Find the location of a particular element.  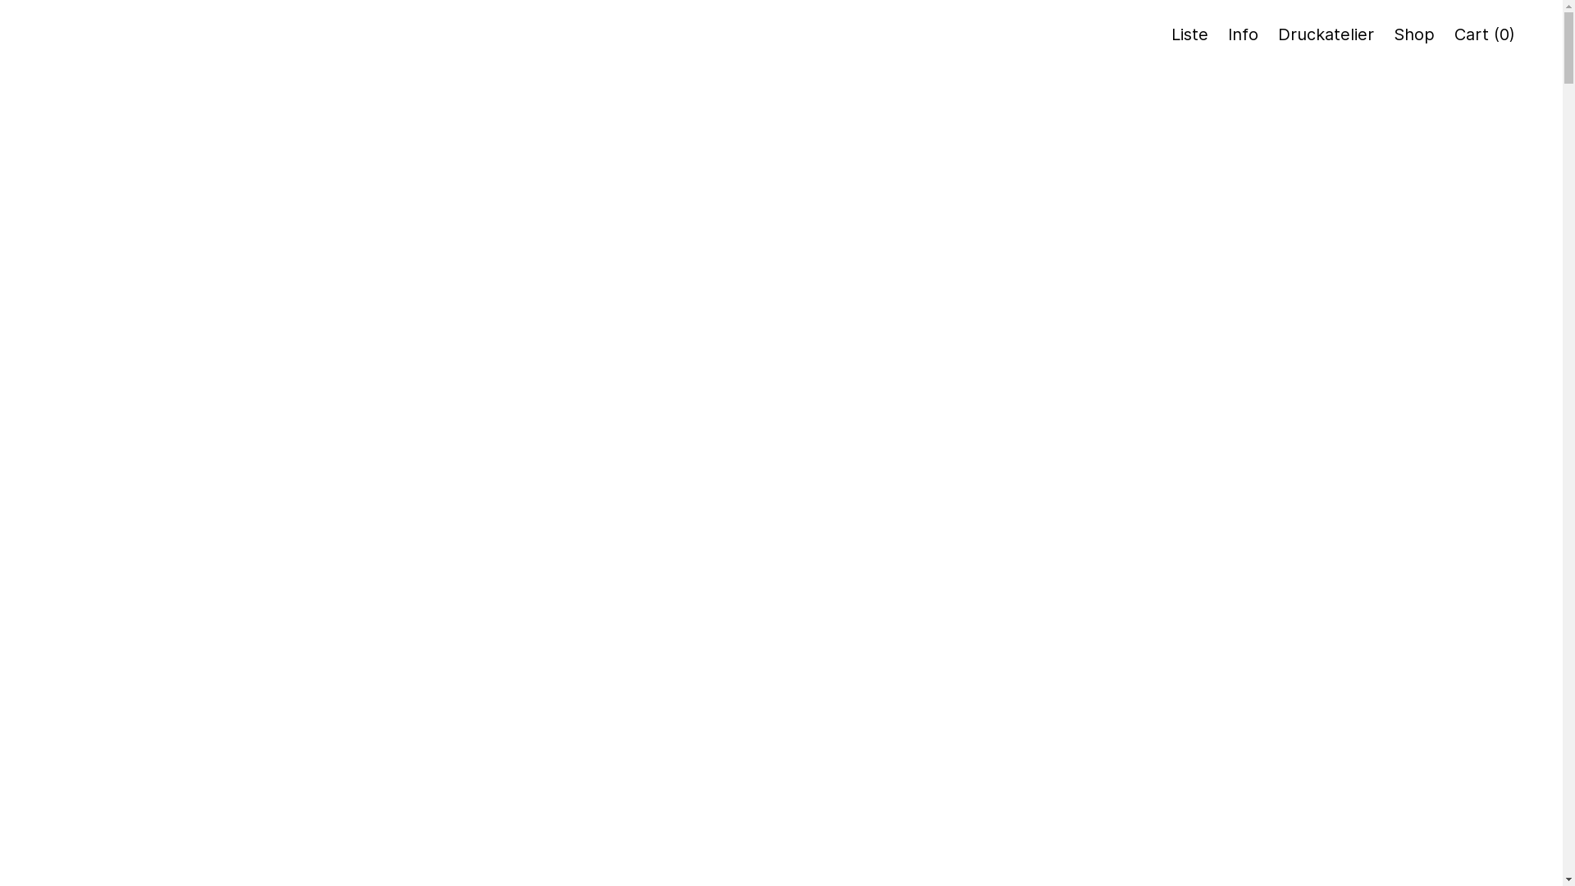

'Shop' is located at coordinates (1393, 34).